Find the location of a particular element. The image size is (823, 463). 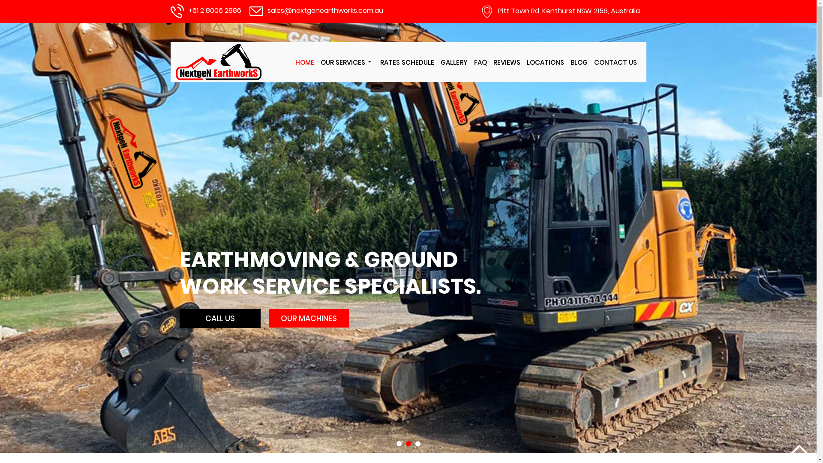

'GALLERY' is located at coordinates (454, 62).